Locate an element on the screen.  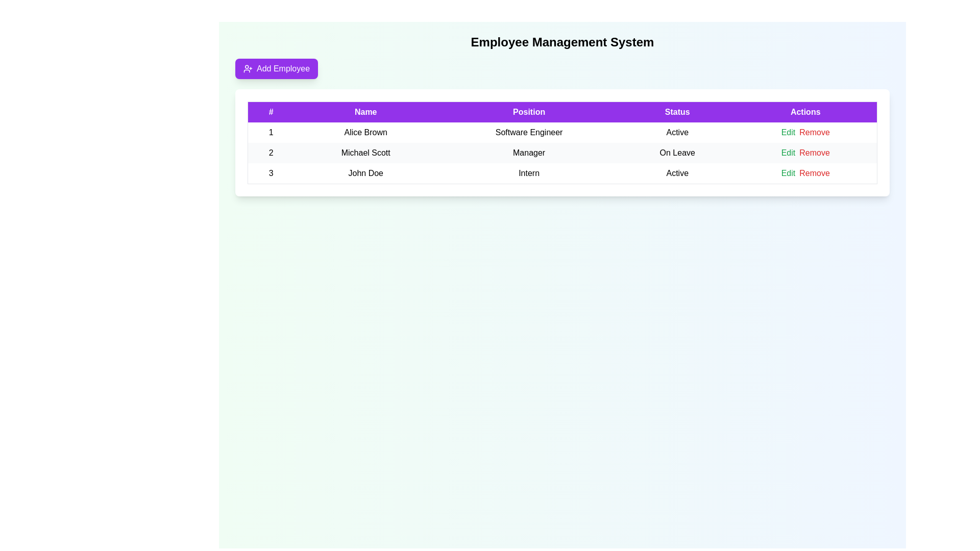
keyboard navigation is located at coordinates (277, 69).